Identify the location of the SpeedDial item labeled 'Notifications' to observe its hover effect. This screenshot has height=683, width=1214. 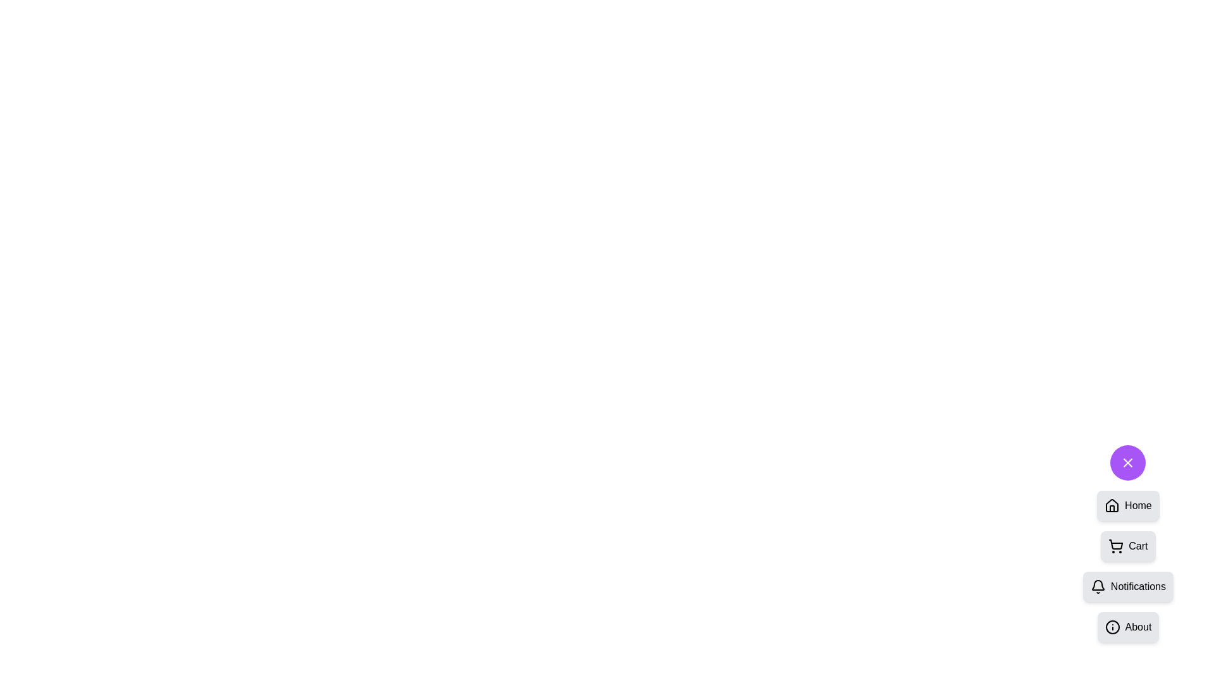
(1128, 587).